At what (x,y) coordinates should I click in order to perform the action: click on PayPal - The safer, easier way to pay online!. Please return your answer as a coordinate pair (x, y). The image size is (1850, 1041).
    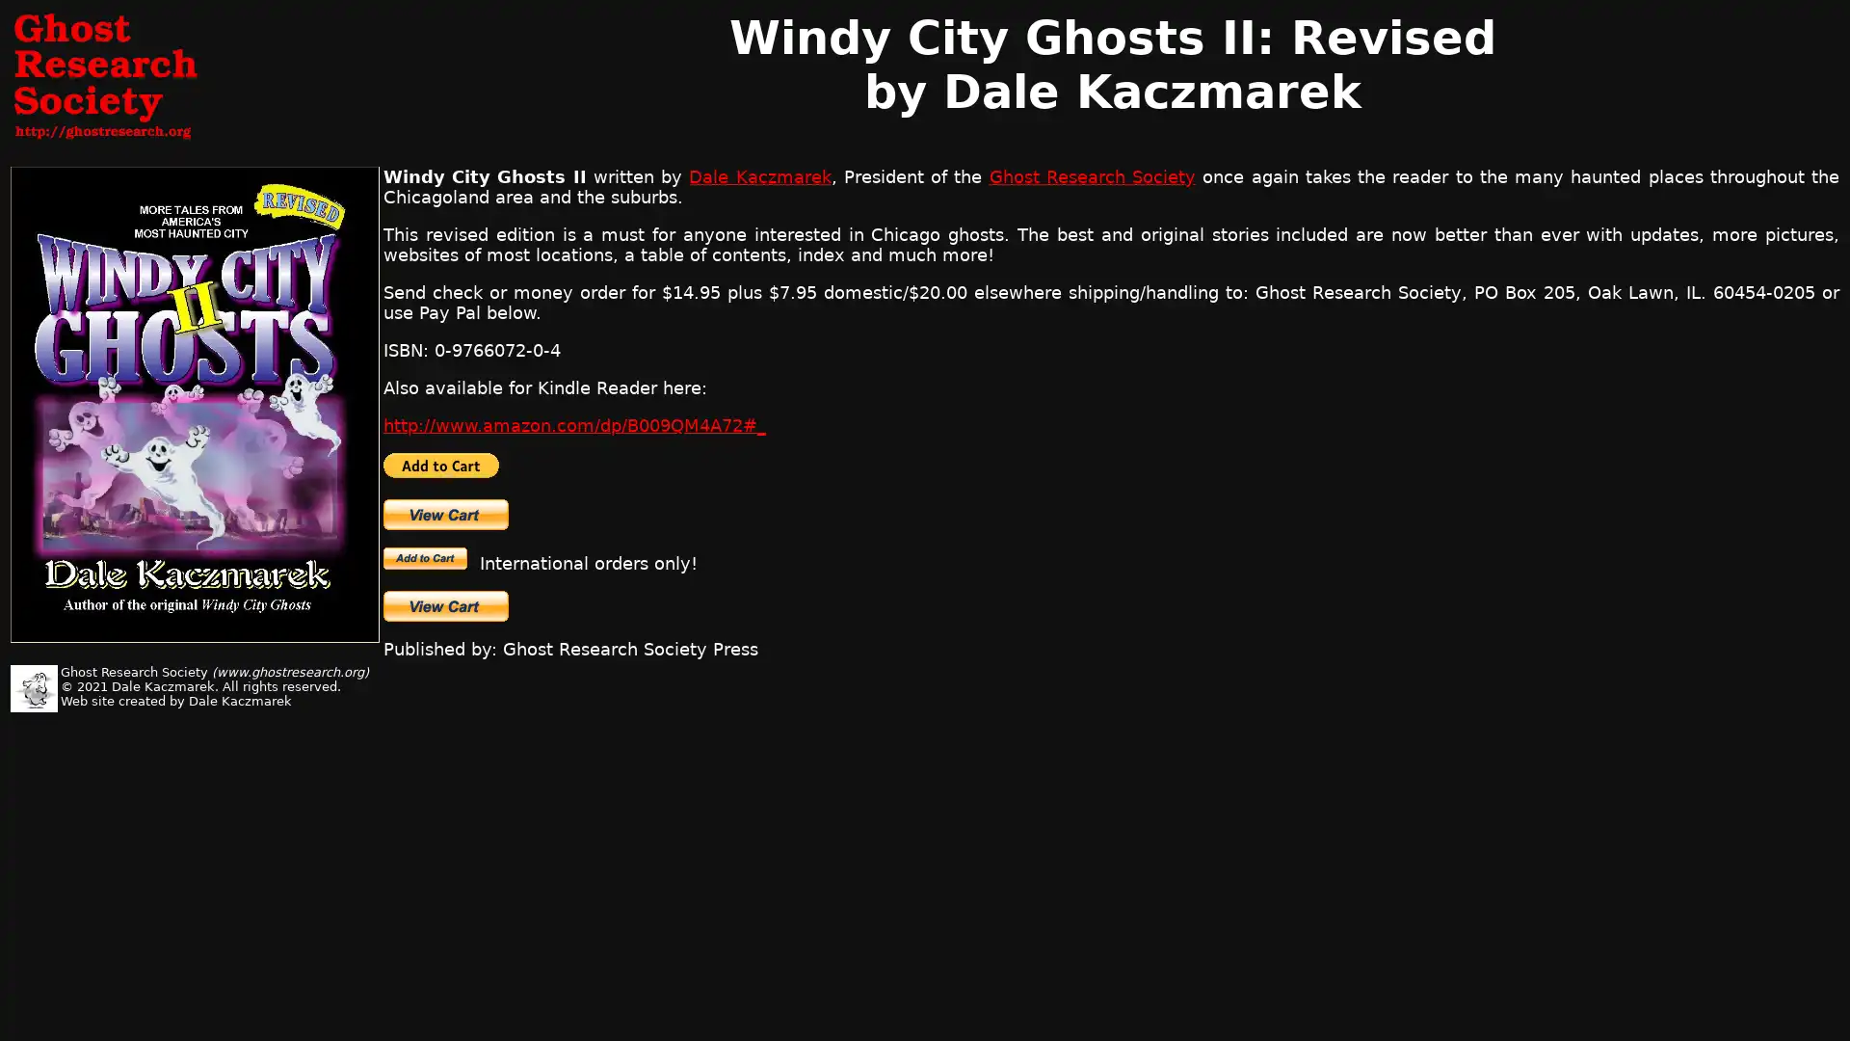
    Looking at the image, I should click on (439, 465).